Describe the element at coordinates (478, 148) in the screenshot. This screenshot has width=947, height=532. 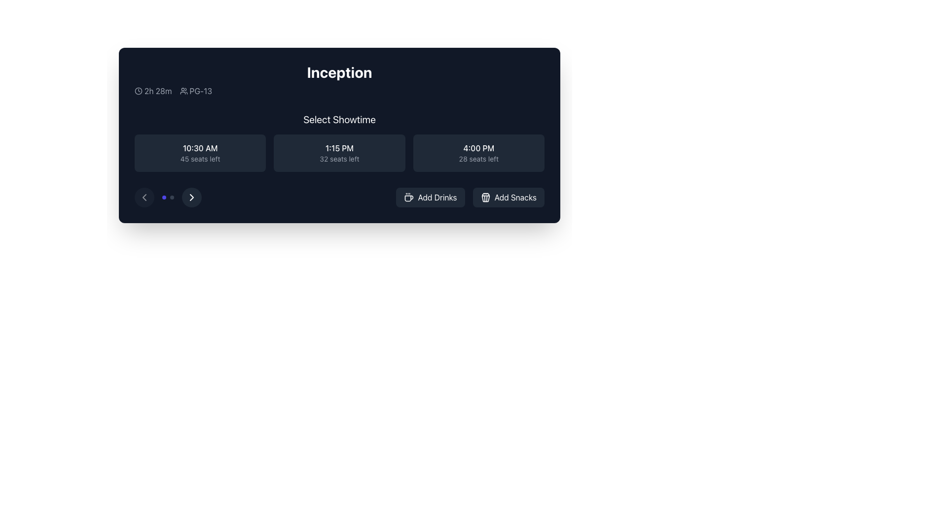
I see `text displayed in the text label showing '4:00 PM', which is styled in bold white font on a dark background, located in the third position among similar containers` at that location.